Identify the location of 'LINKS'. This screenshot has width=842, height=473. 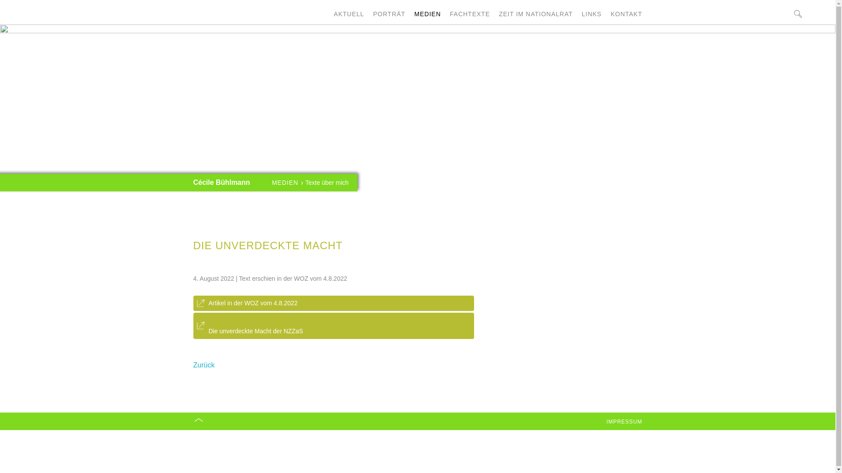
(581, 14).